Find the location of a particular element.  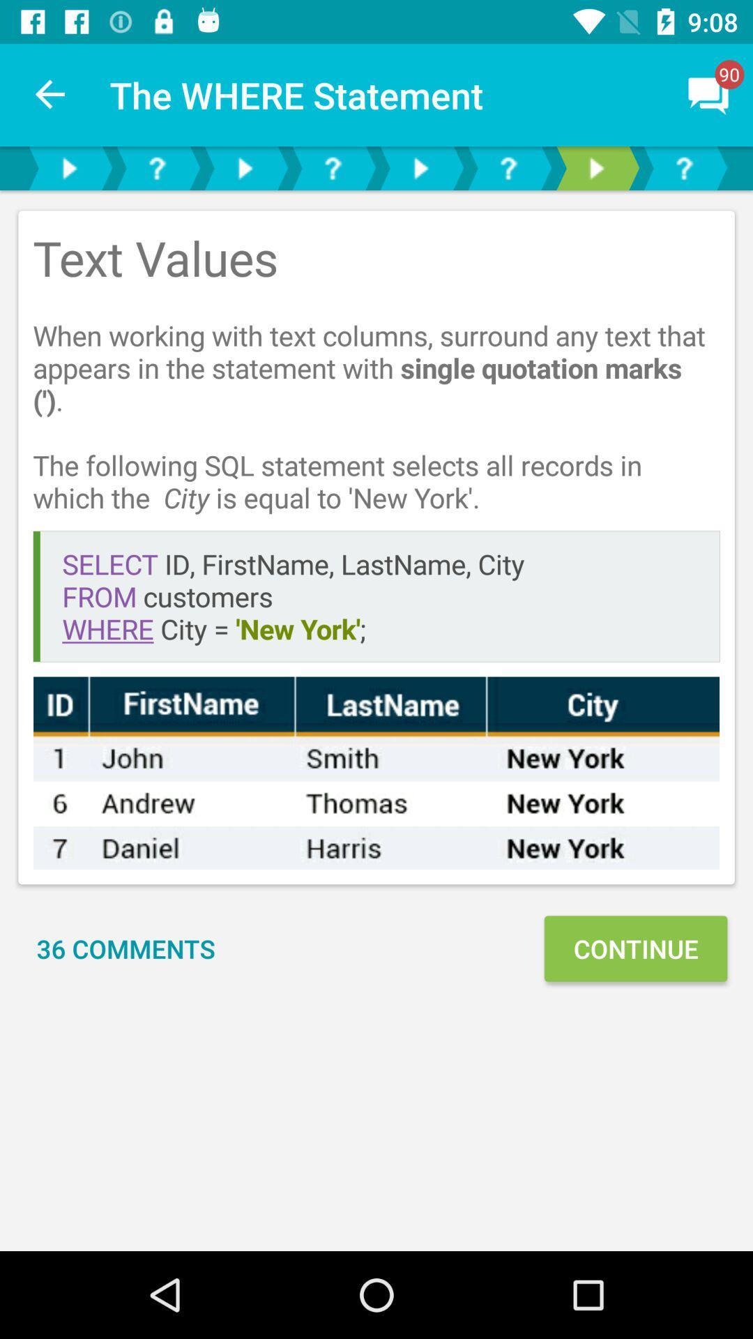

forward option is located at coordinates (596, 167).